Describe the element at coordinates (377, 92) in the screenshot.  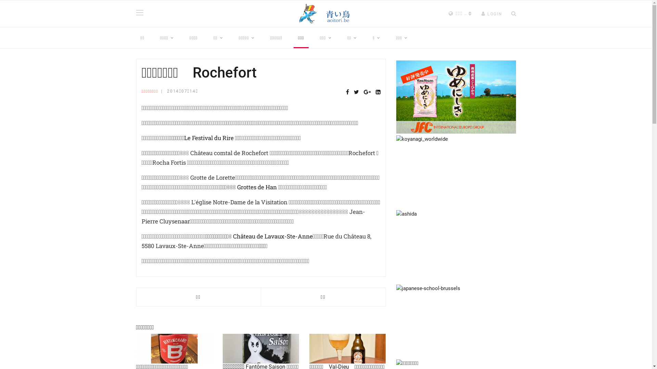
I see `'LinkedIn'` at that location.